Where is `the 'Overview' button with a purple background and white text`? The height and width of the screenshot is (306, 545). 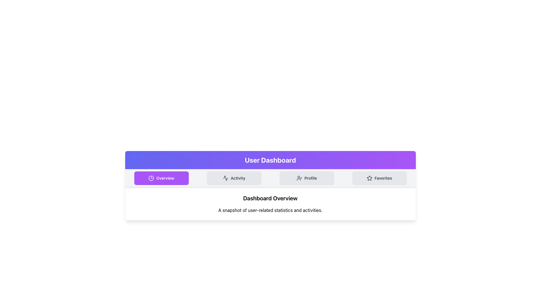
the 'Overview' button with a purple background and white text is located at coordinates (161, 178).